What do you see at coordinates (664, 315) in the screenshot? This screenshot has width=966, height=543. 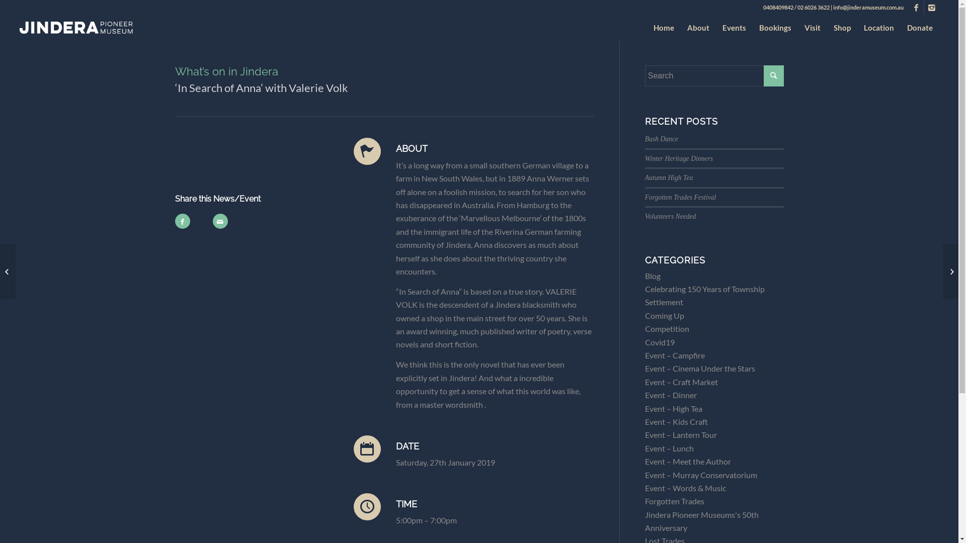 I see `'Coming Up'` at bounding box center [664, 315].